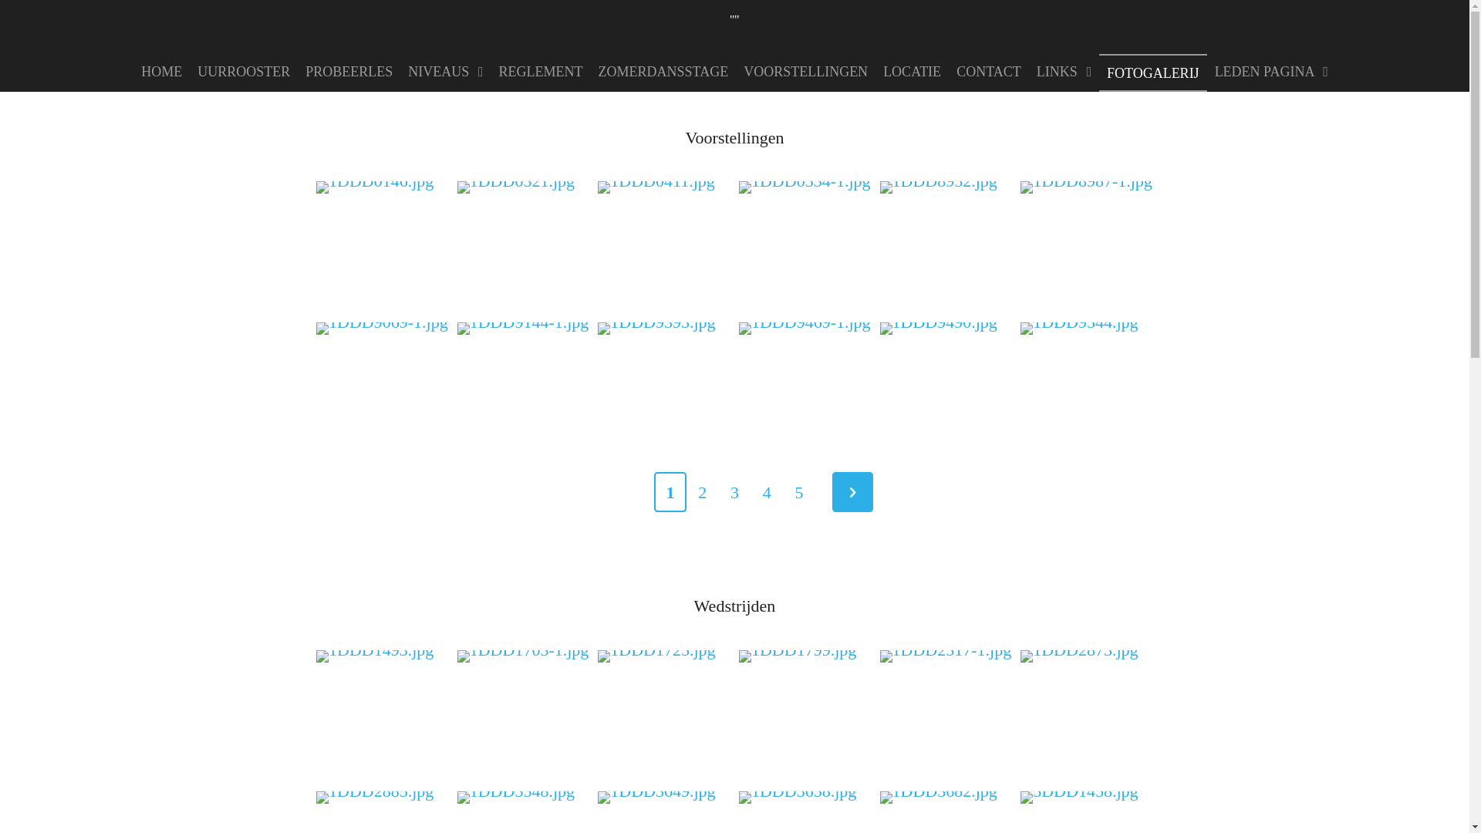 Image resolution: width=1481 pixels, height=833 pixels. Describe the element at coordinates (1152, 73) in the screenshot. I see `'FOTOGALERIJ'` at that location.